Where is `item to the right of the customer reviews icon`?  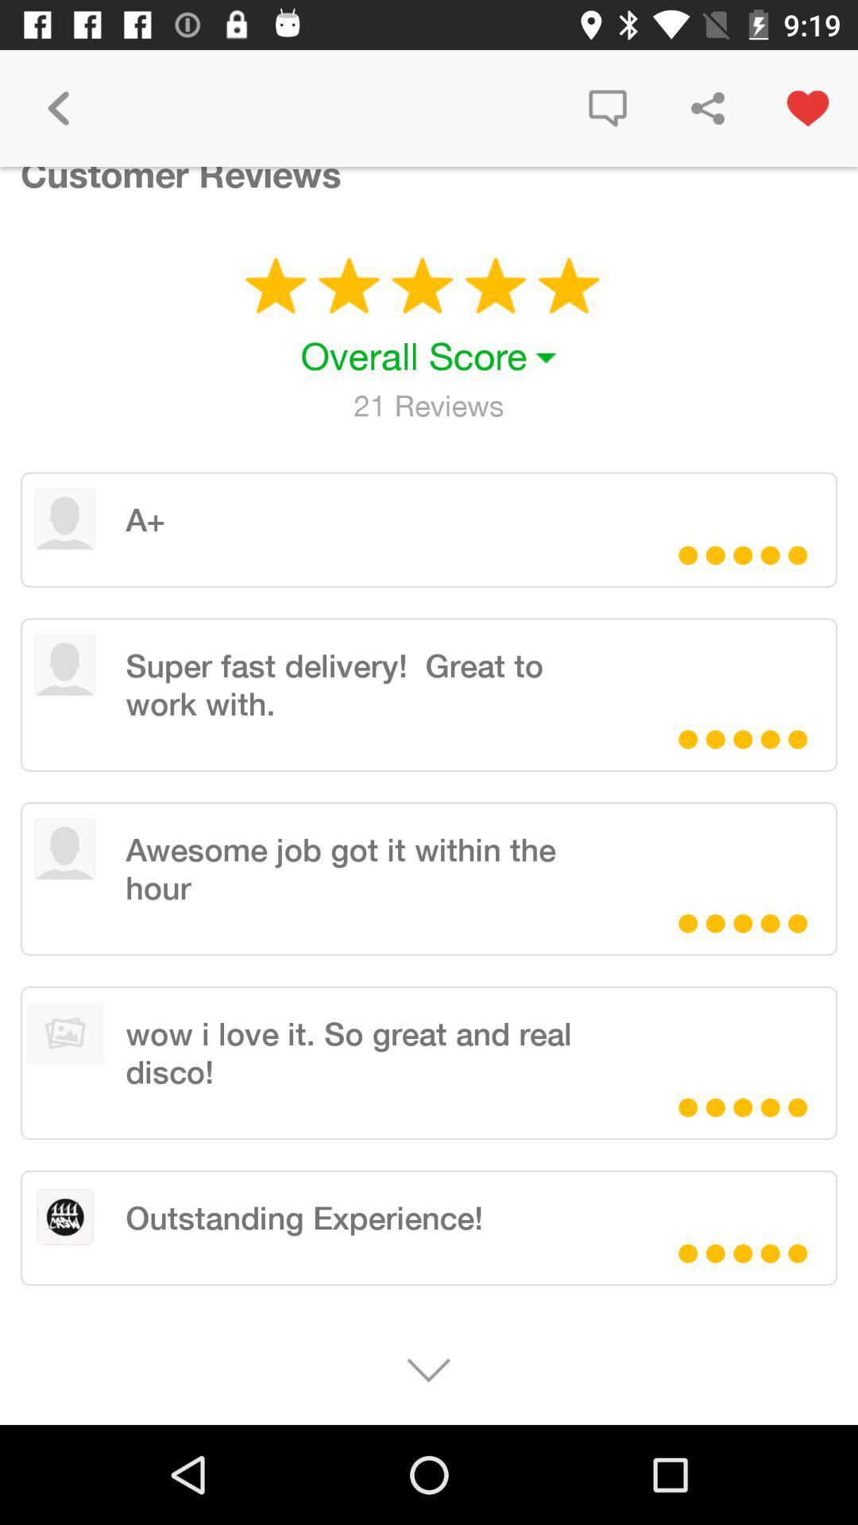
item to the right of the customer reviews icon is located at coordinates (607, 107).